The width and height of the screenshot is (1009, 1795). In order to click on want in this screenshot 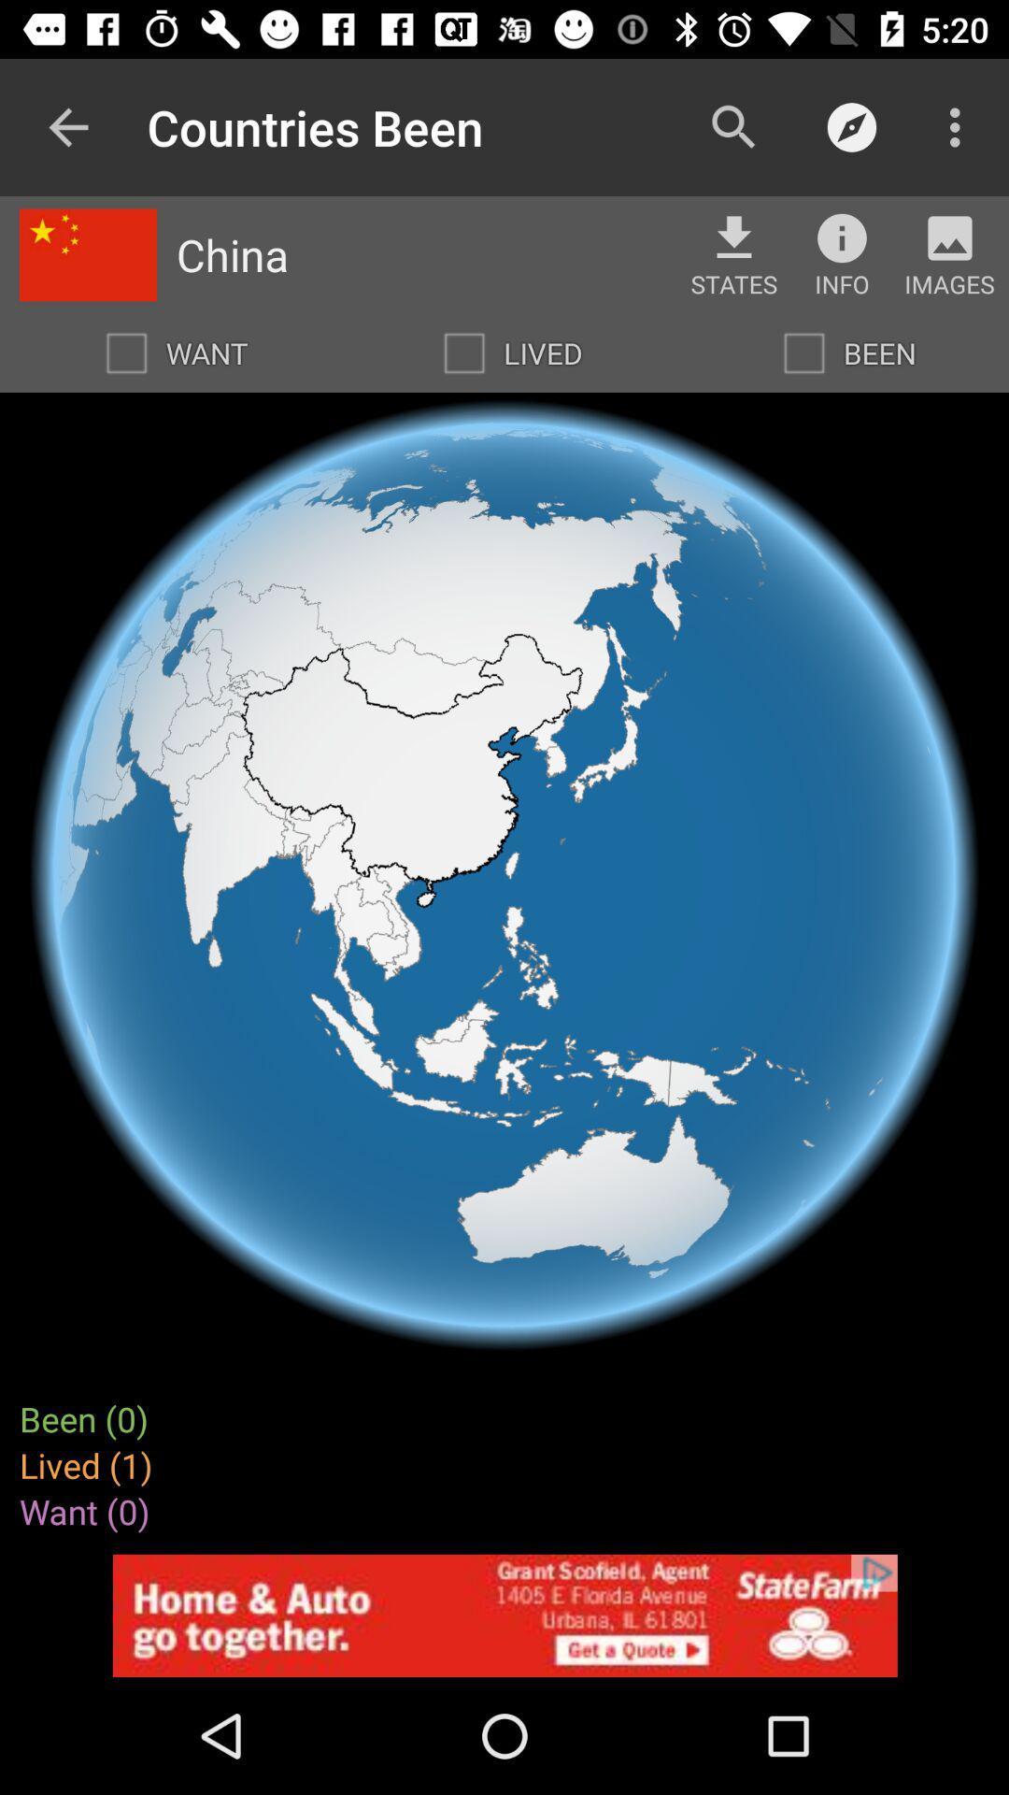, I will do `click(126, 353)`.